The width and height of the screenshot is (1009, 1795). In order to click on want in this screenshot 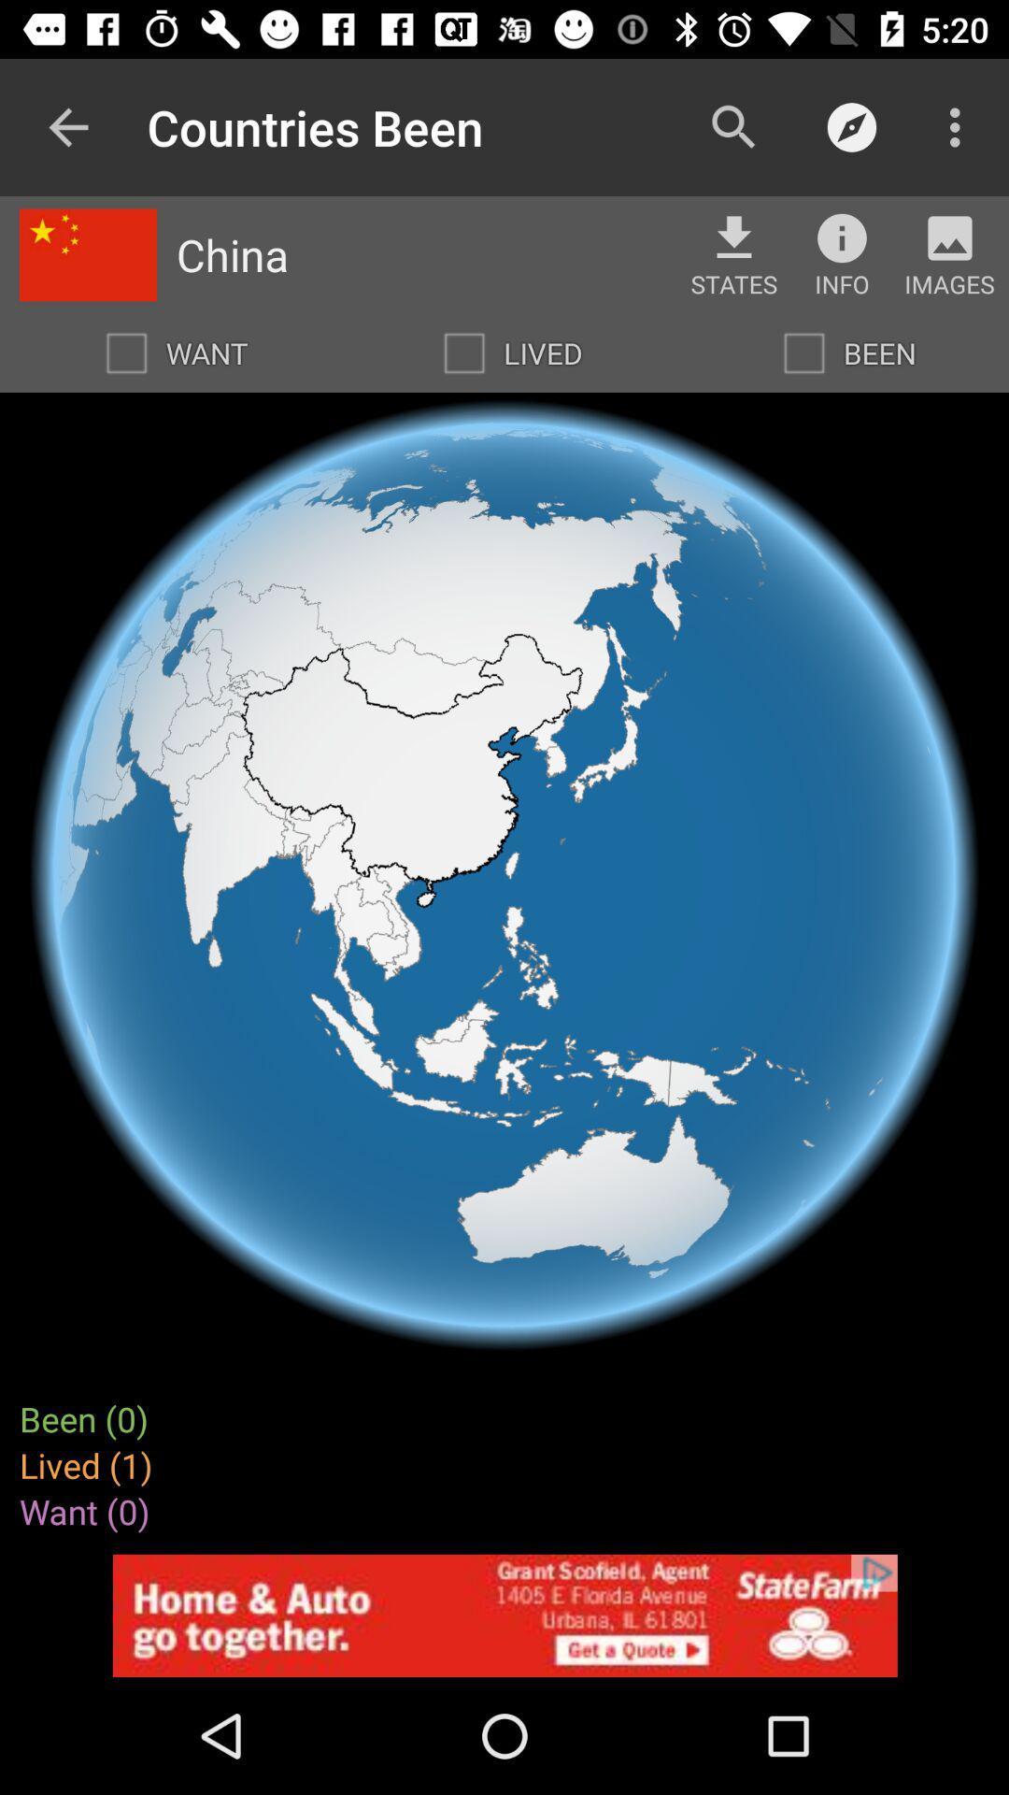, I will do `click(126, 353)`.